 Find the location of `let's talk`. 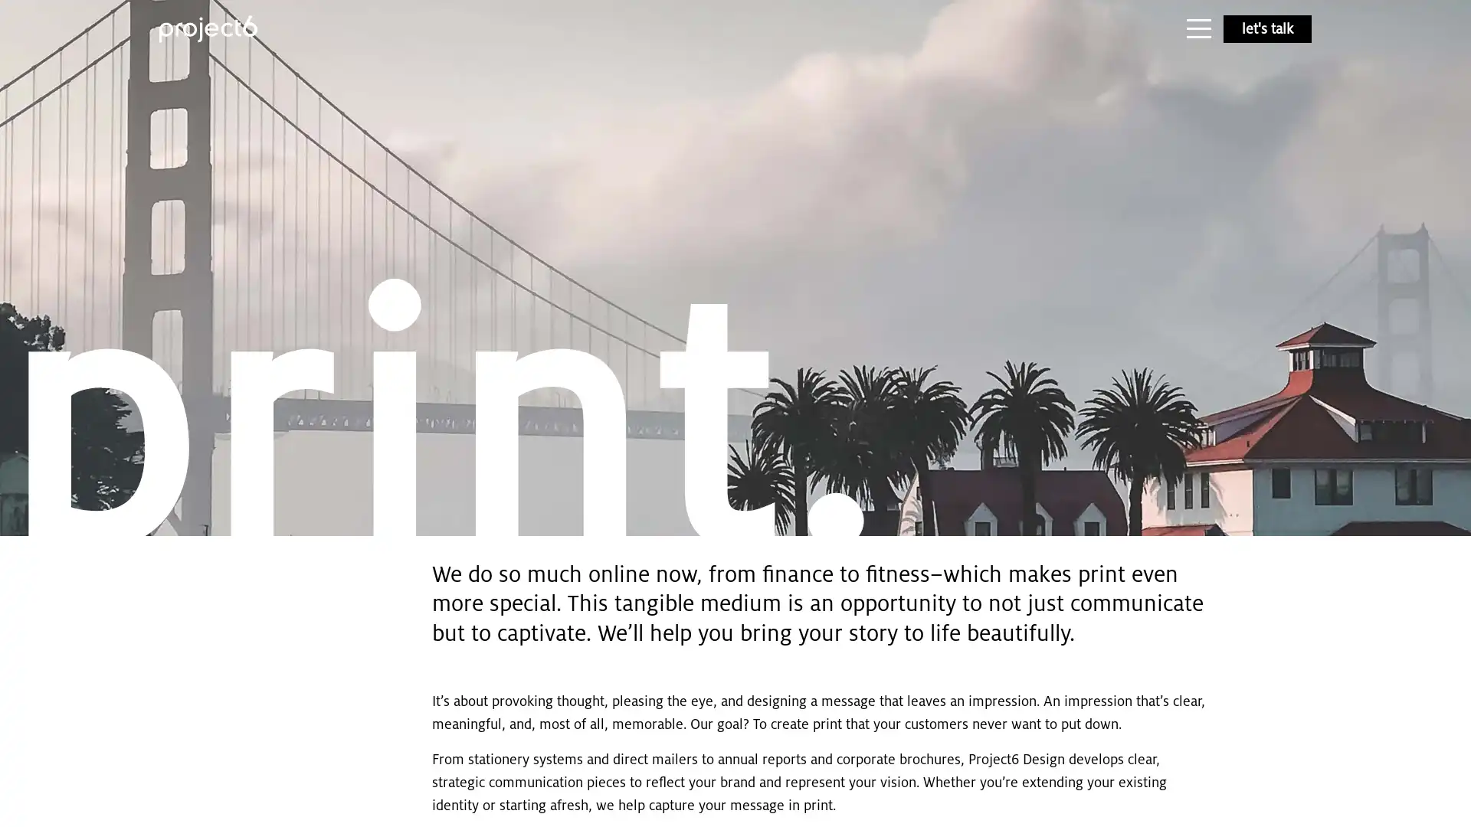

let's talk is located at coordinates (1267, 29).